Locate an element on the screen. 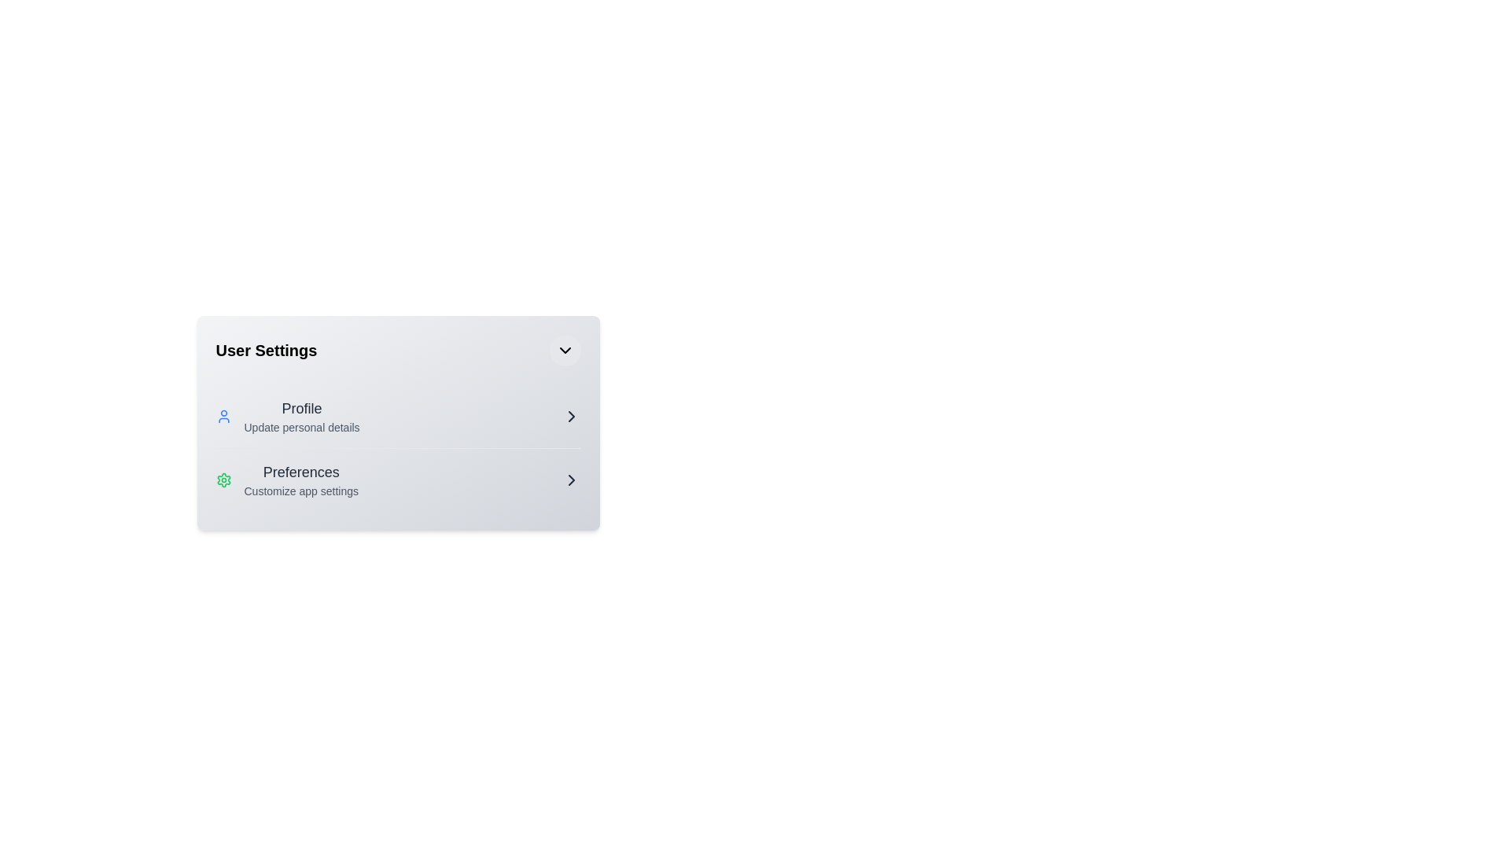  the second item is located at coordinates (398, 479).